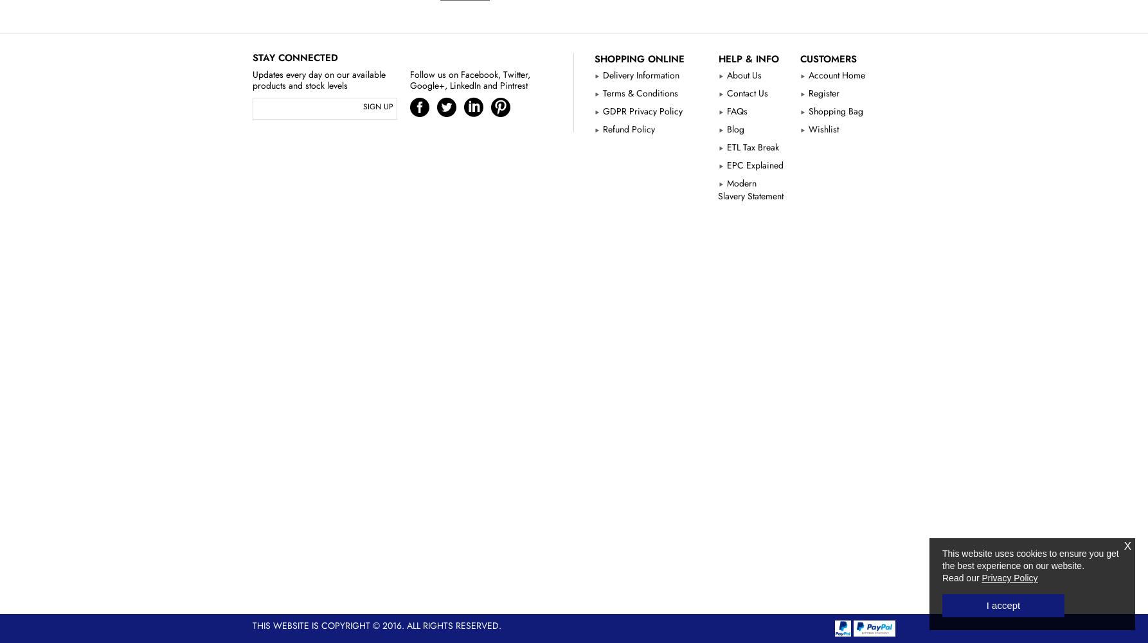  I want to click on 'X', so click(1122, 545).